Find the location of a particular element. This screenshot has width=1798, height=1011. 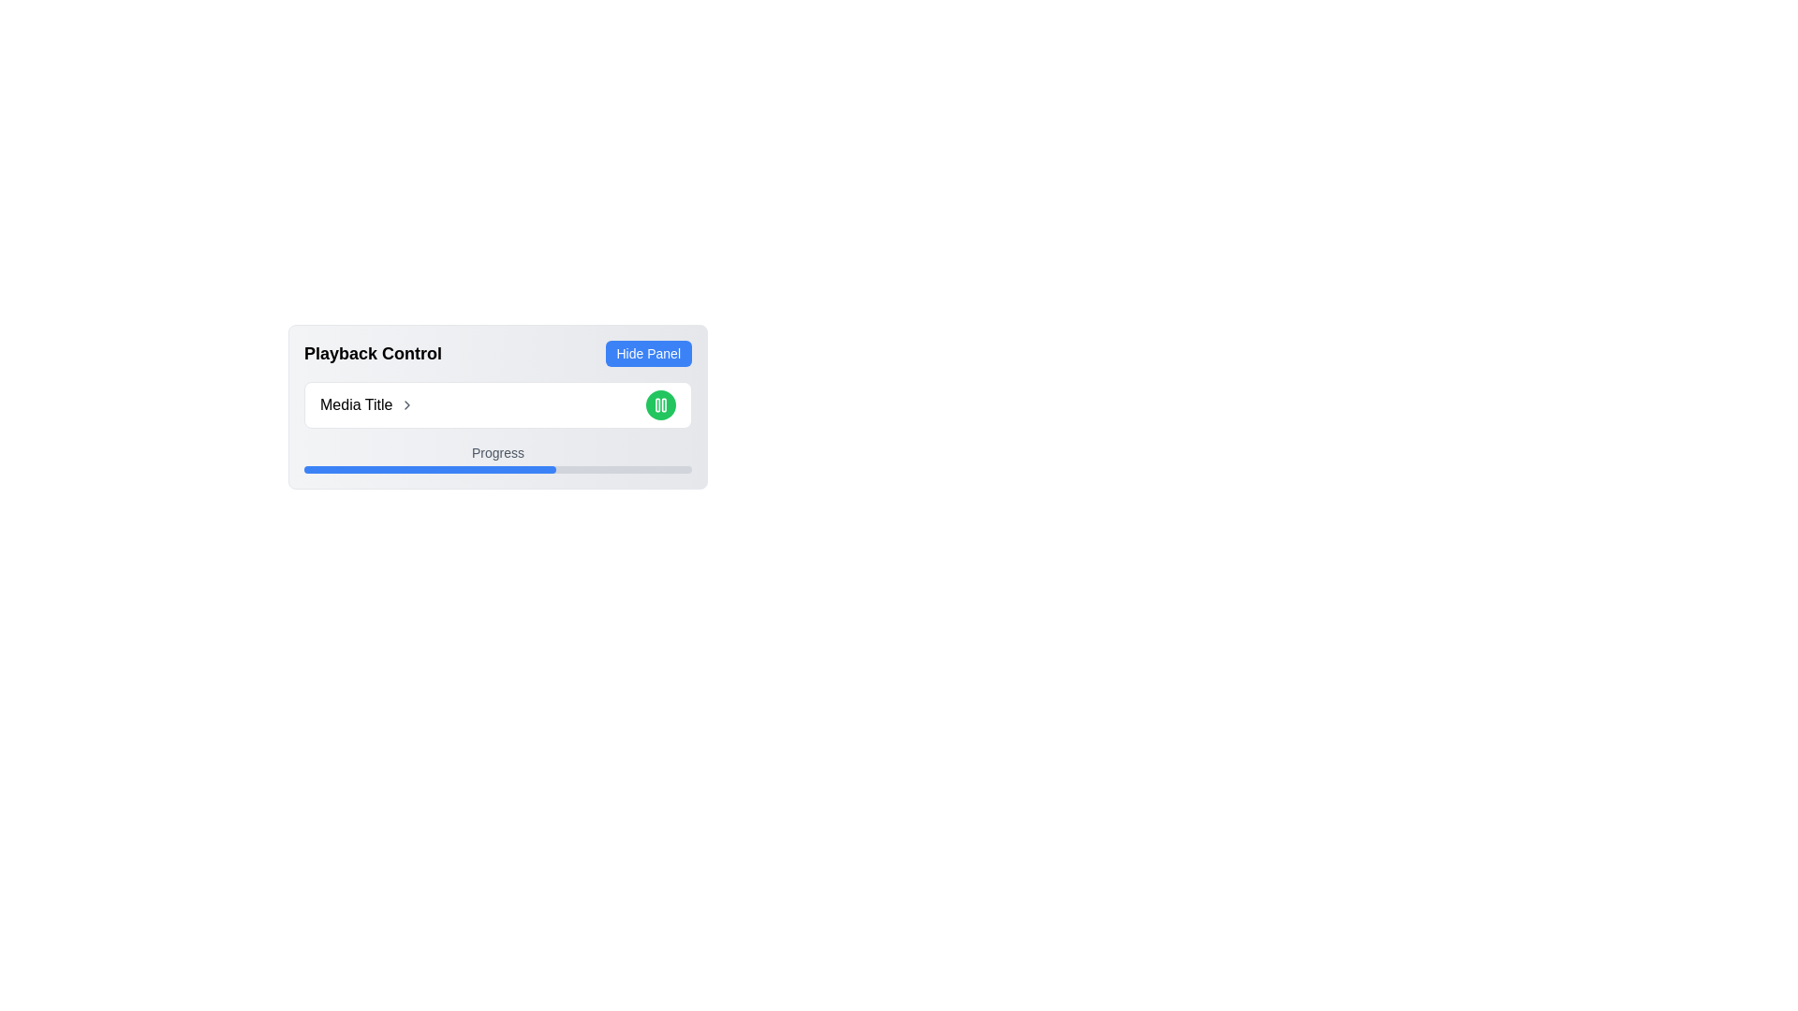

the horizontal progress bar with a light gray background and a blue segment indicating 65% progress, located beneath the 'Progress' label is located at coordinates (498, 468).